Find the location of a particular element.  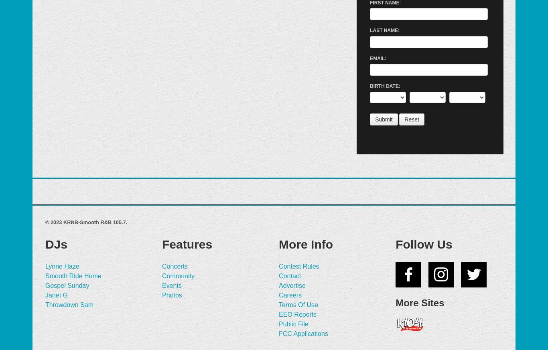

'More Sites' is located at coordinates (419, 302).